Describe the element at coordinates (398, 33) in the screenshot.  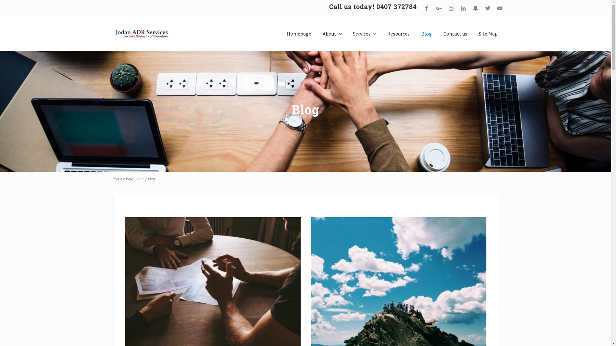
I see `'Resources'` at that location.